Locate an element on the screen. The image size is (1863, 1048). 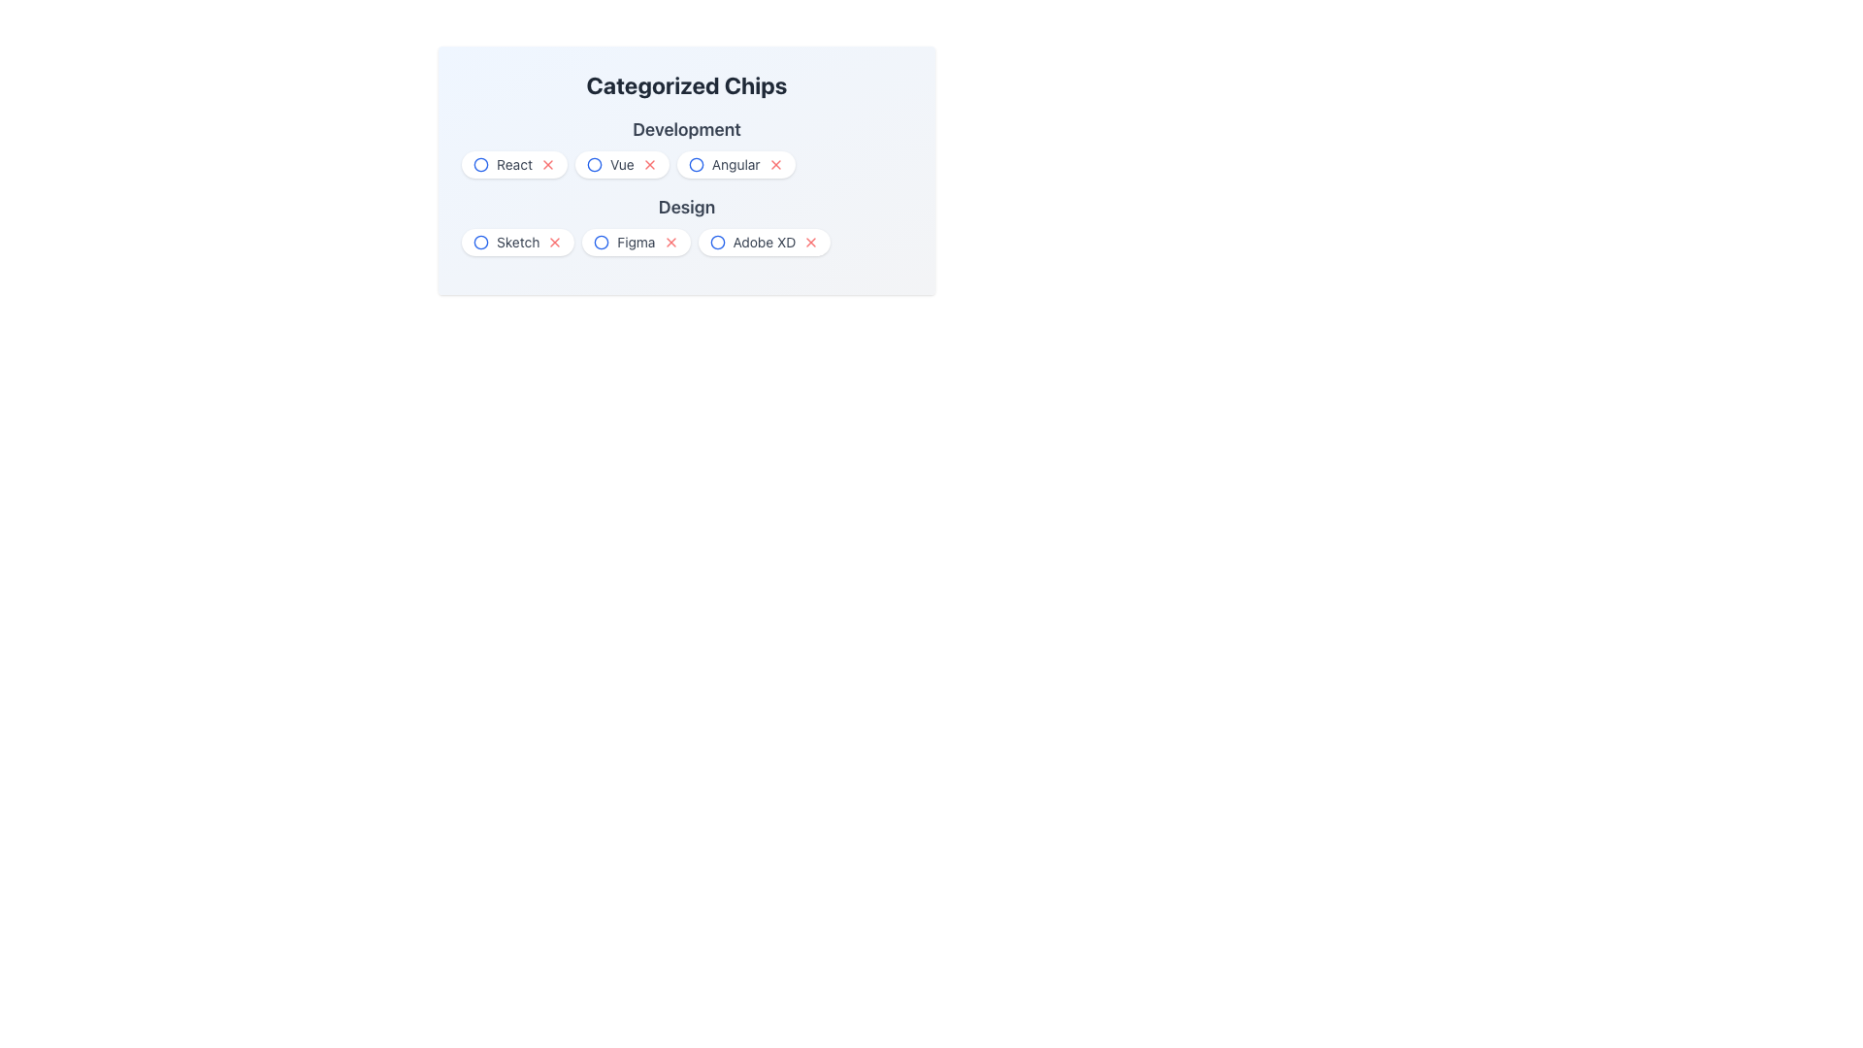
the selectable chip related to the 'Sketch' category is located at coordinates (518, 242).